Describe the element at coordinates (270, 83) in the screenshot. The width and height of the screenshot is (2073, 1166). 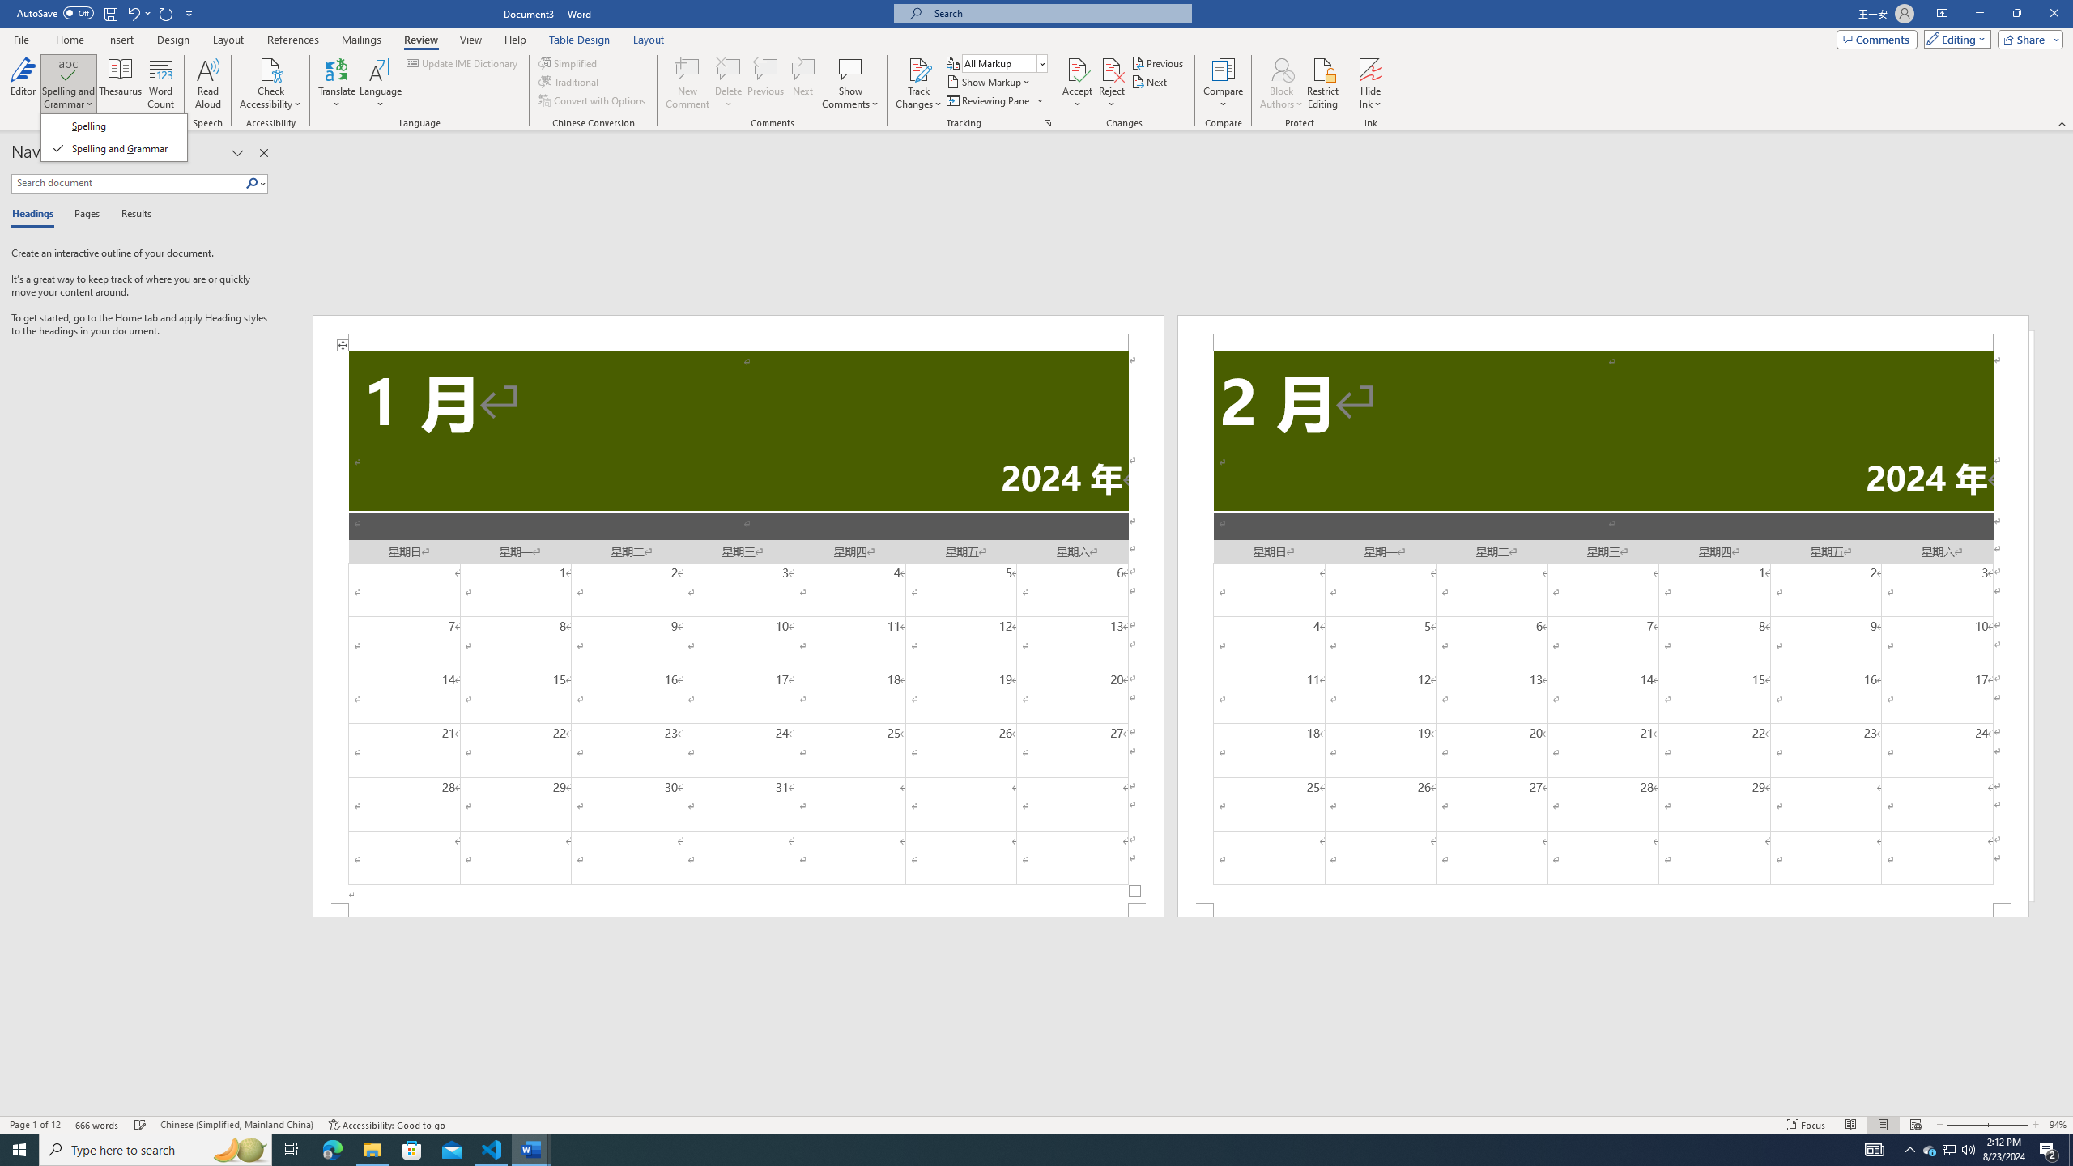
I see `'Check Accessibility'` at that location.